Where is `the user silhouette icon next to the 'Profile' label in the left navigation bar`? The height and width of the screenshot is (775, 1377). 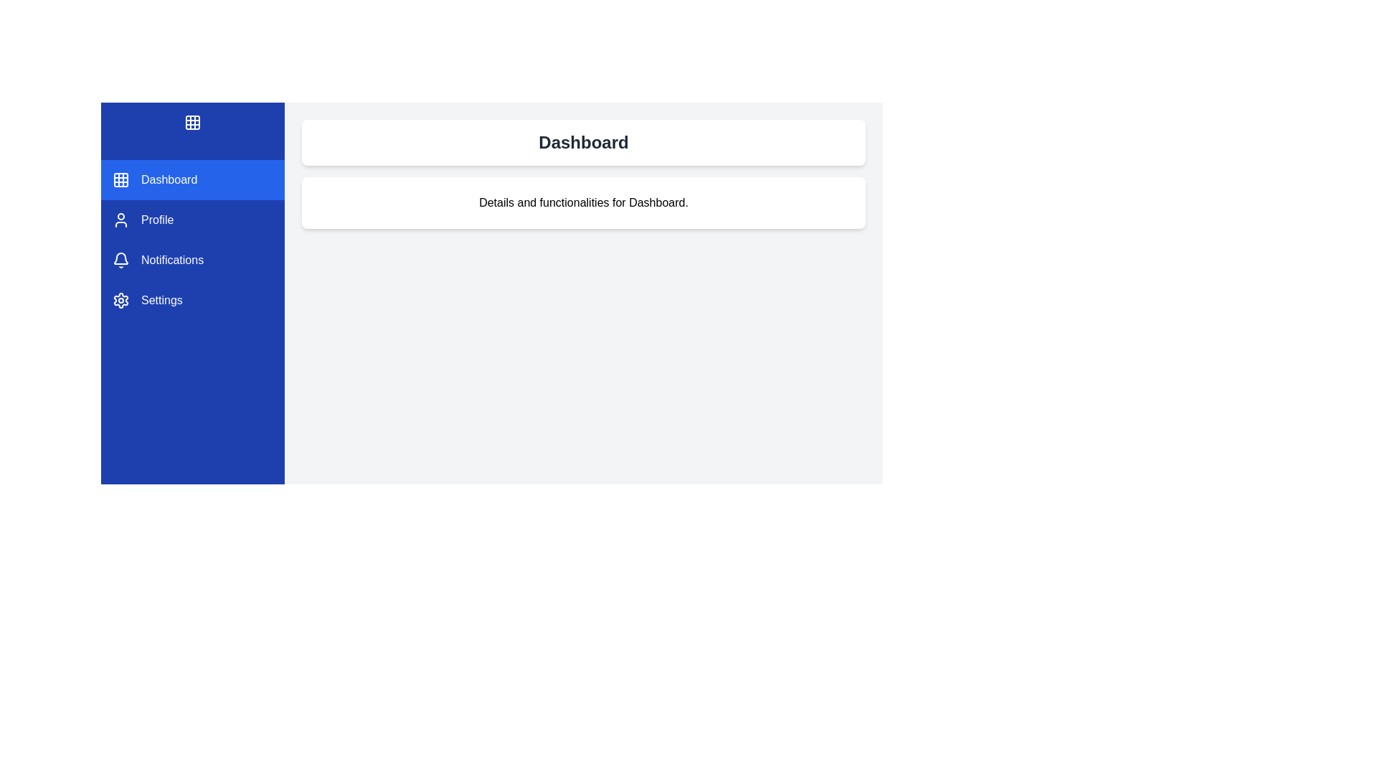 the user silhouette icon next to the 'Profile' label in the left navigation bar is located at coordinates (120, 220).